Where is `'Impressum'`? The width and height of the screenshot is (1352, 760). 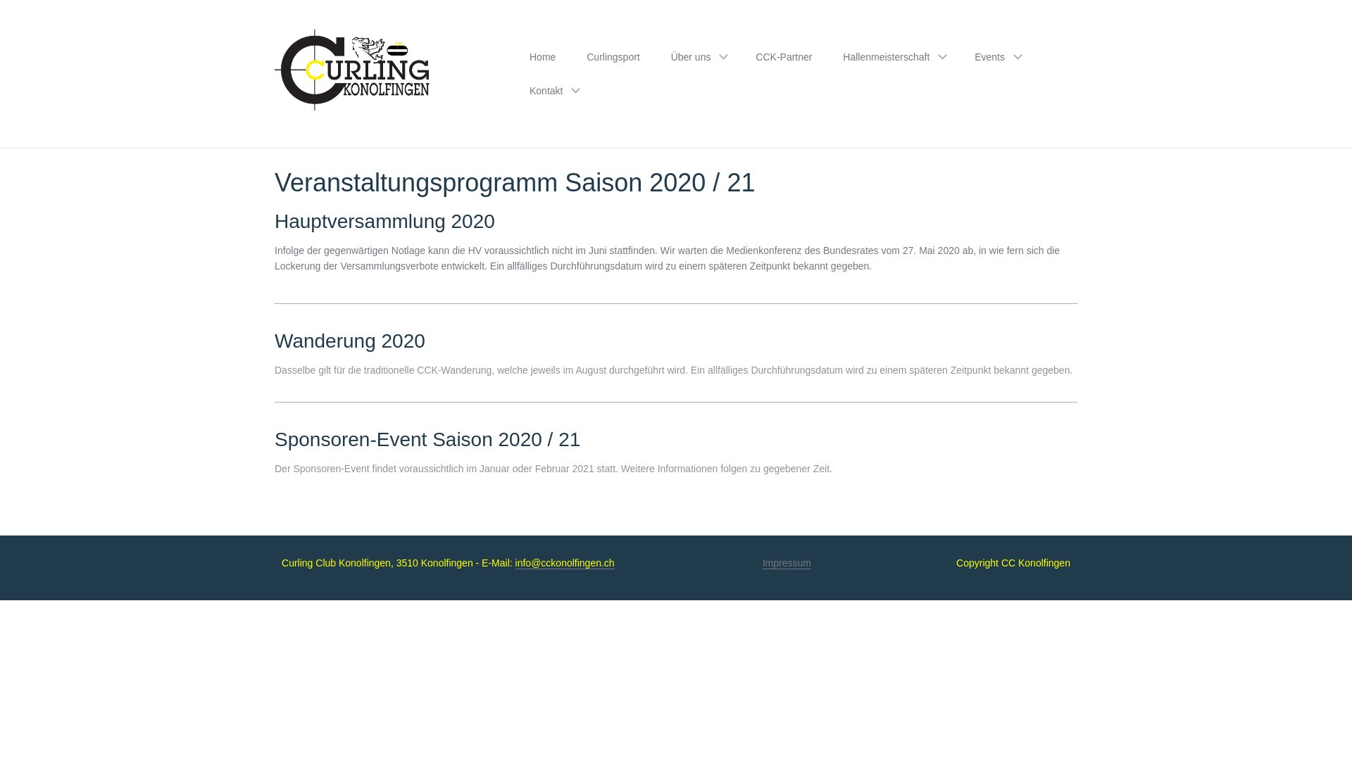 'Impressum' is located at coordinates (786, 562).